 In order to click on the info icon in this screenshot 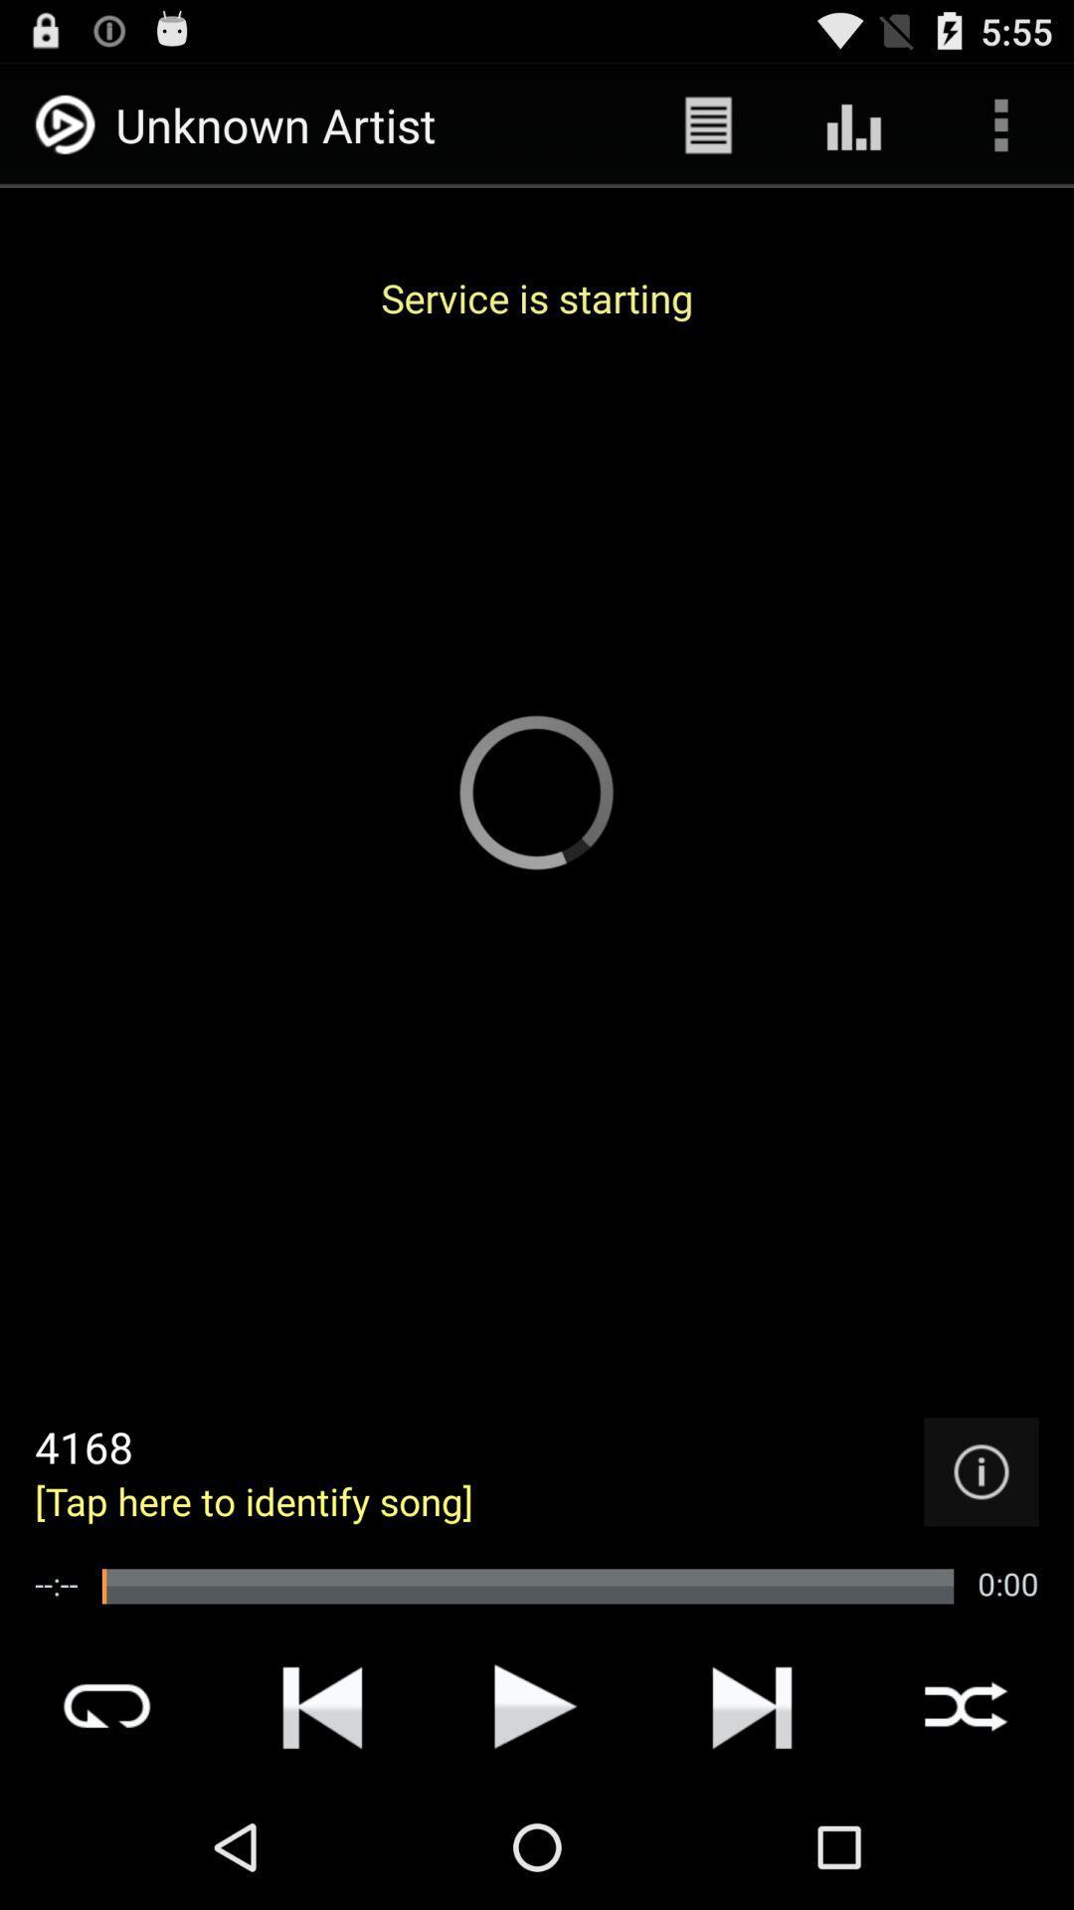, I will do `click(981, 1574)`.